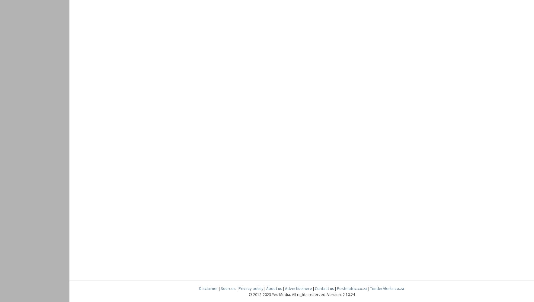 The image size is (534, 302). Describe the element at coordinates (274, 288) in the screenshot. I see `'About us'` at that location.